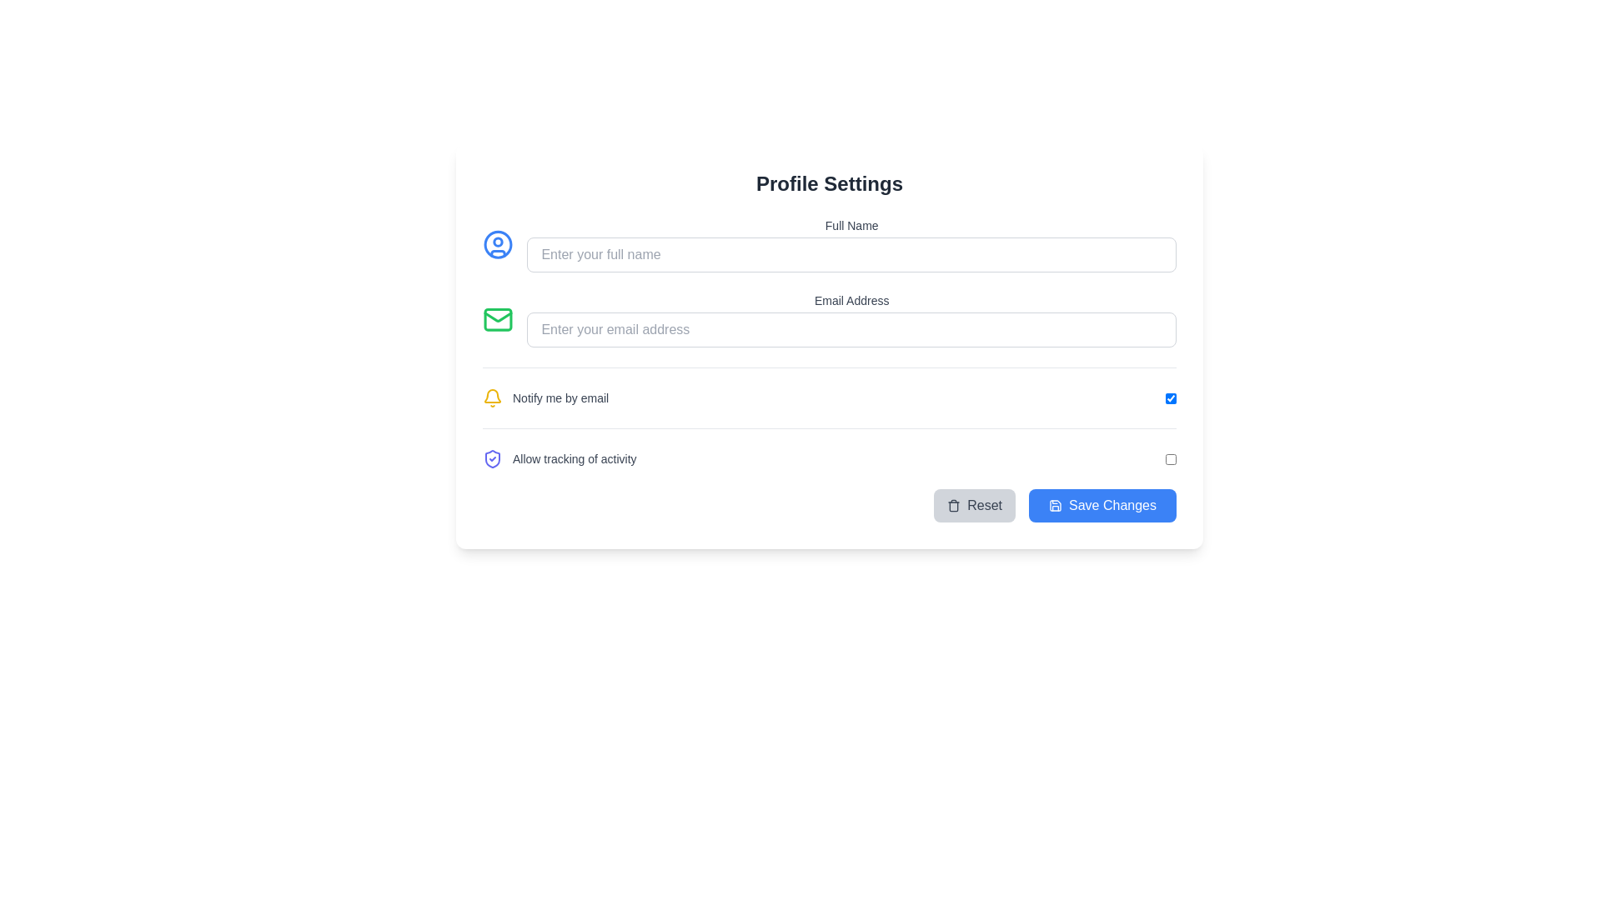 Image resolution: width=1601 pixels, height=900 pixels. I want to click on the Save icon within the blue 'Save Changes' button located in the lower-right corner, so click(1055, 504).